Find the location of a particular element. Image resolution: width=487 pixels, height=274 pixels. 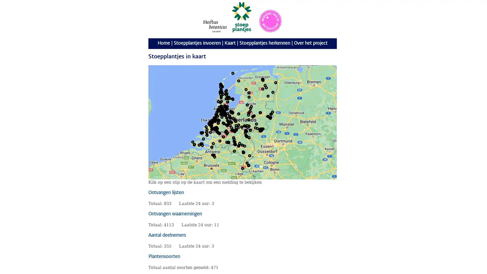

Telling van Pannekoekenprutje op 31 mei 2022 is located at coordinates (207, 135).